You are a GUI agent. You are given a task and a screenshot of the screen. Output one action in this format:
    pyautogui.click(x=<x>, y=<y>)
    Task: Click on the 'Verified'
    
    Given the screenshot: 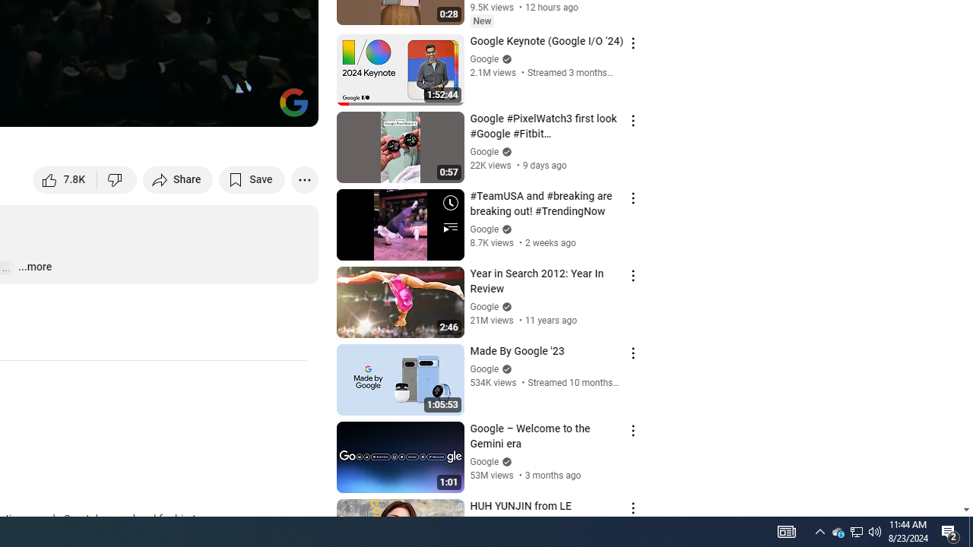 What is the action you would take?
    pyautogui.click(x=505, y=460)
    